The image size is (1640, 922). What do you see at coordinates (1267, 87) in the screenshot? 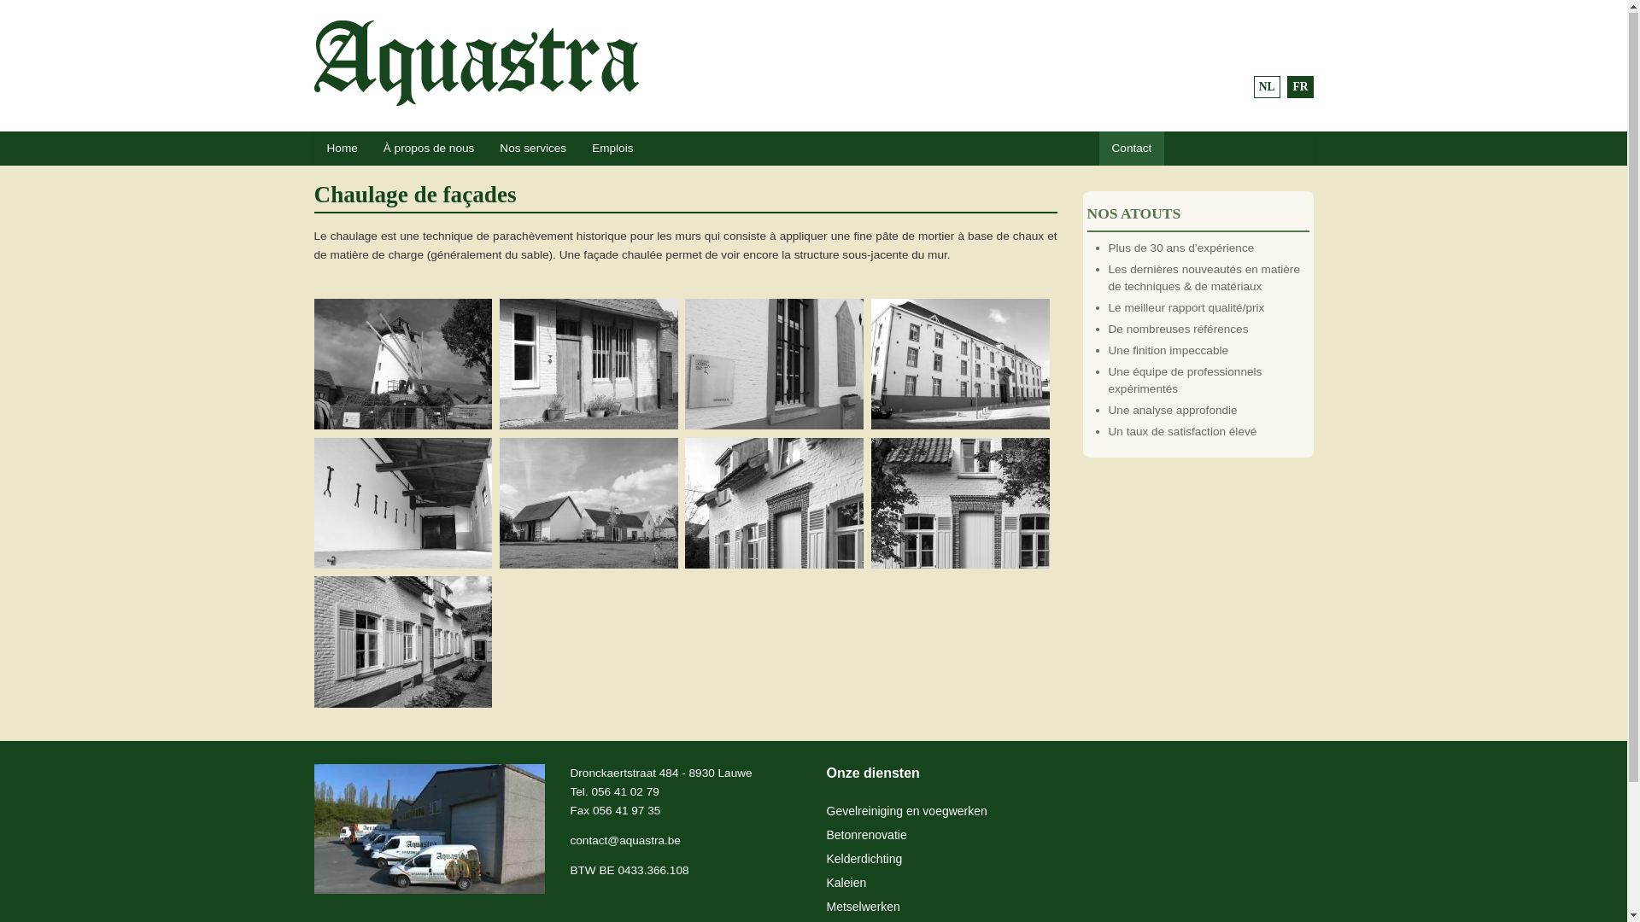
I see `'NL'` at bounding box center [1267, 87].